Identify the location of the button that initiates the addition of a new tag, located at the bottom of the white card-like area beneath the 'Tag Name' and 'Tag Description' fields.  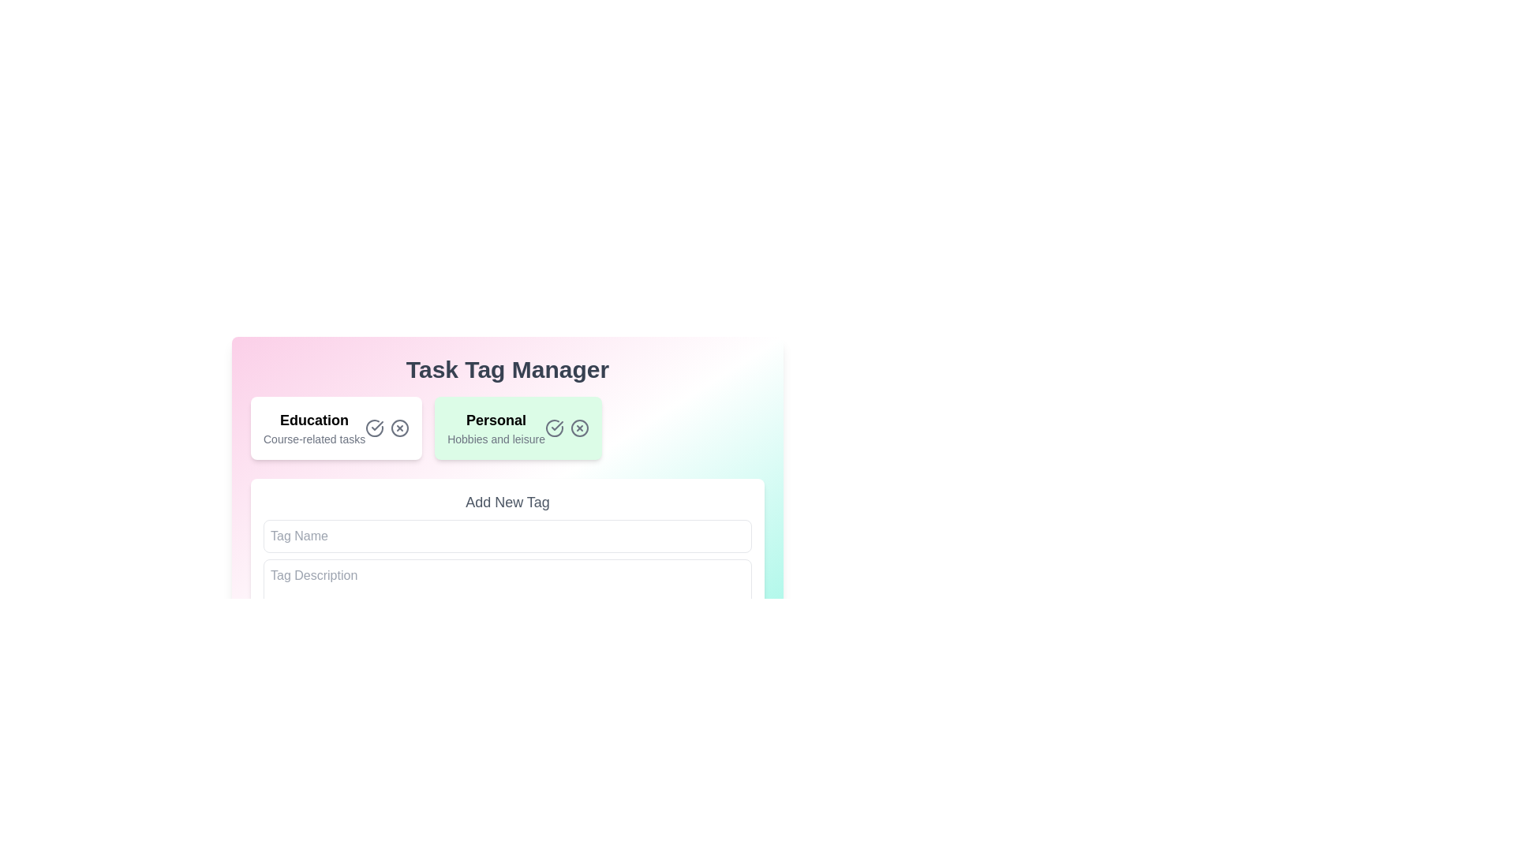
(312, 639).